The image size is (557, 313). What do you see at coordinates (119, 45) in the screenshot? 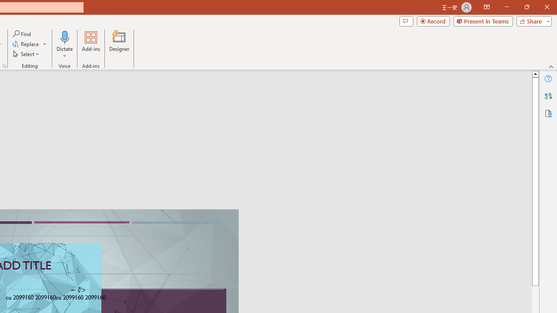
I see `'Designer'` at bounding box center [119, 45].